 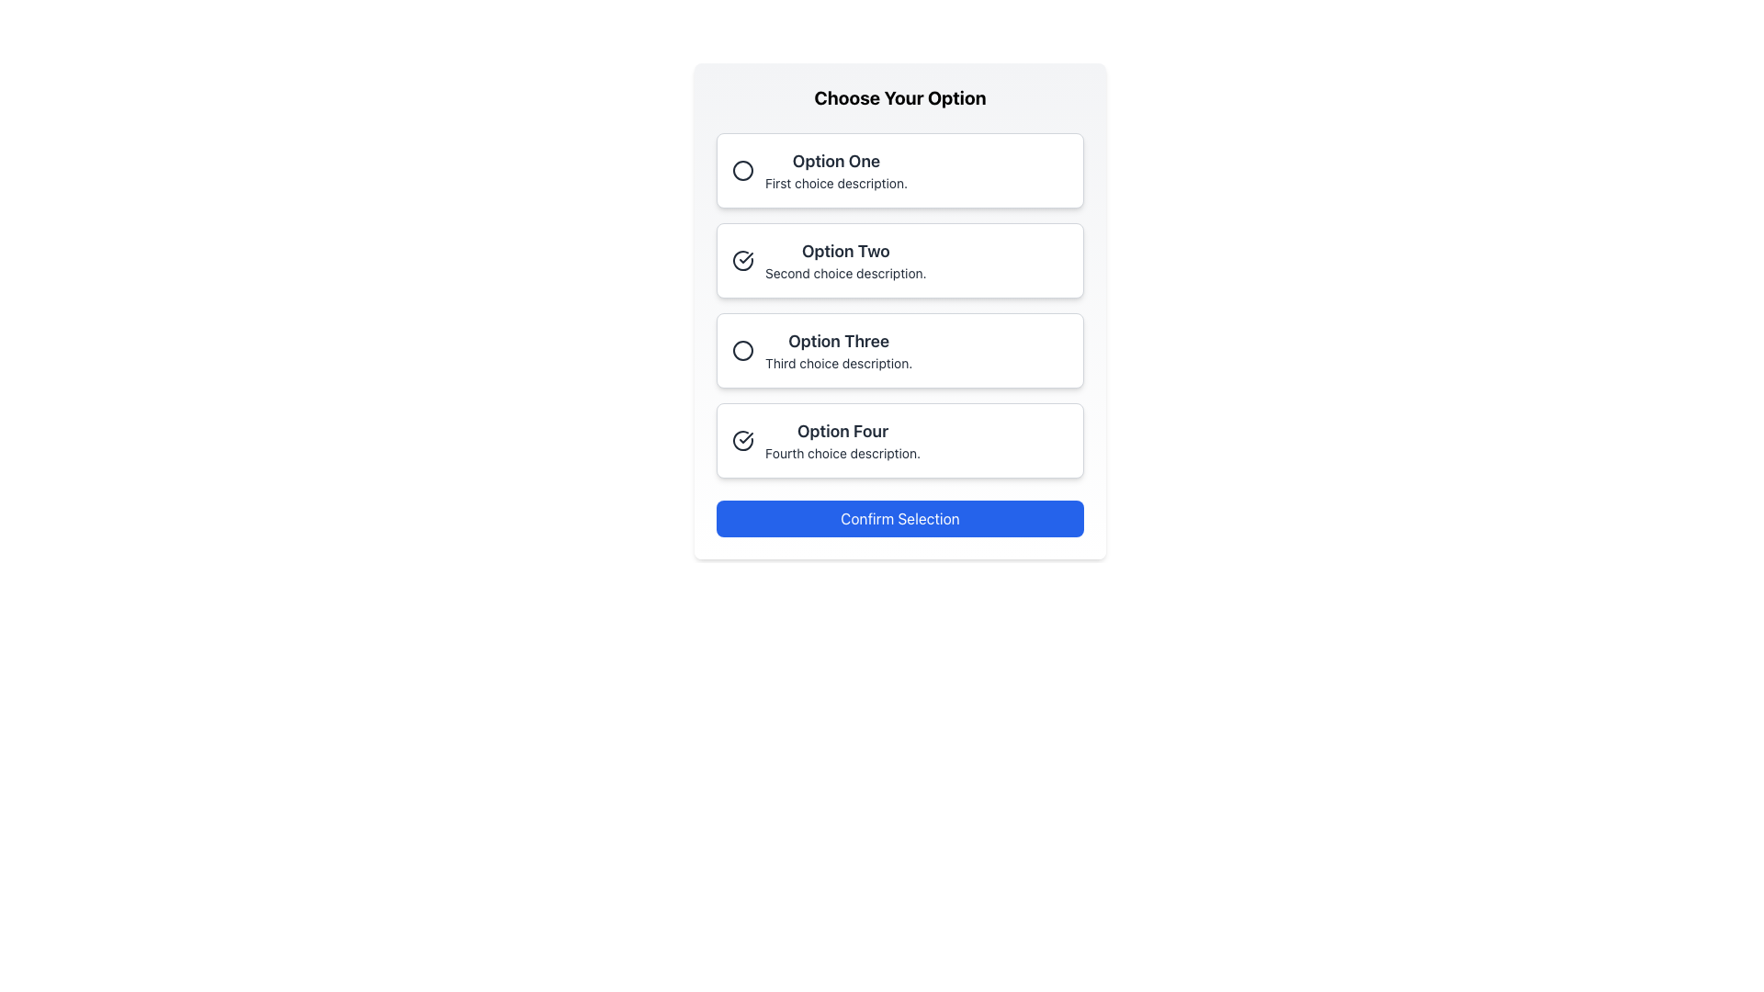 What do you see at coordinates (743, 350) in the screenshot?
I see `the radio button indicator for 'Option Three'` at bounding box center [743, 350].